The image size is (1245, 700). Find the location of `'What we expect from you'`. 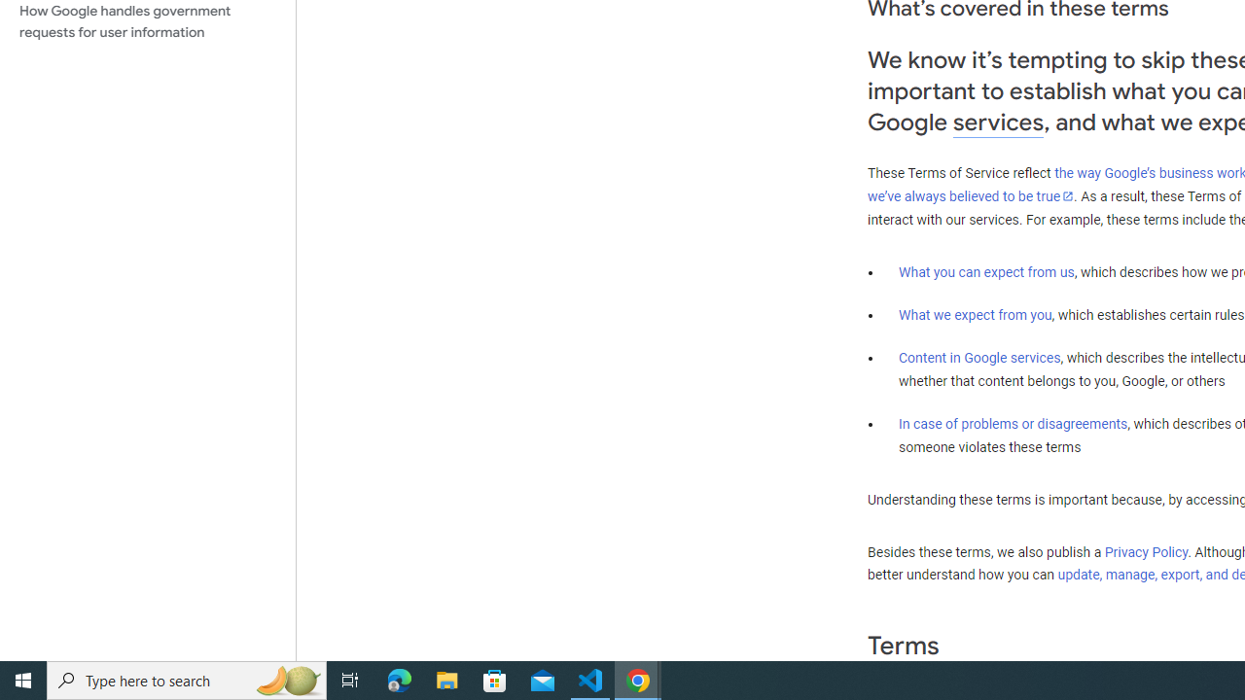

'What we expect from you' is located at coordinates (975, 314).